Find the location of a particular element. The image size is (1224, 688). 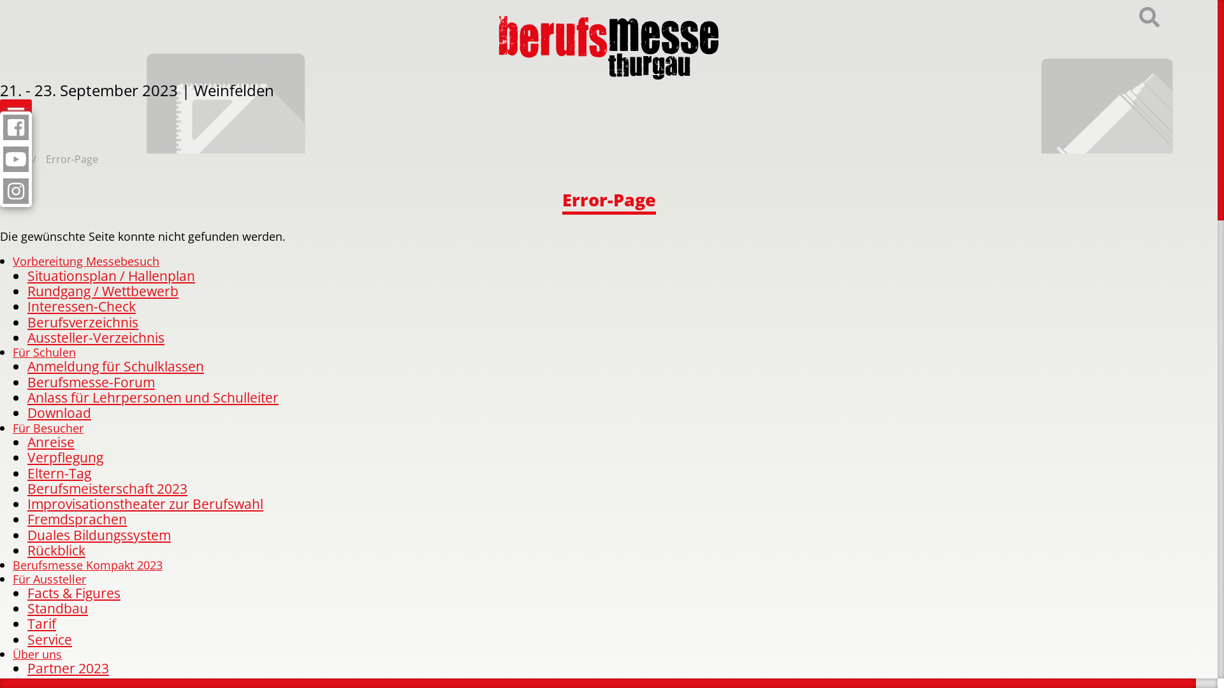

'Berufsmesse Kompakt 2023' is located at coordinates (87, 564).